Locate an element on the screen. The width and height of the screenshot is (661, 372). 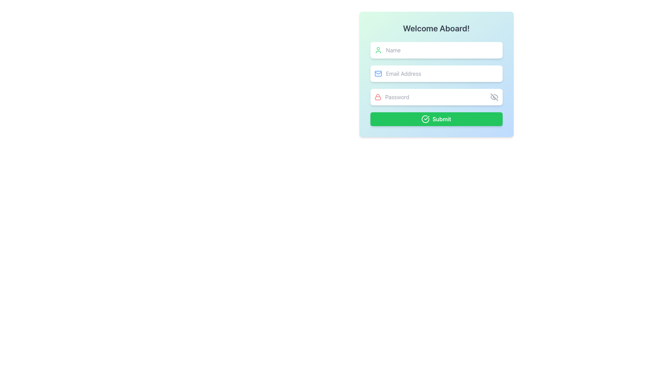
the email input field, which is the second input field in the form, to focus on it is located at coordinates (442, 73).